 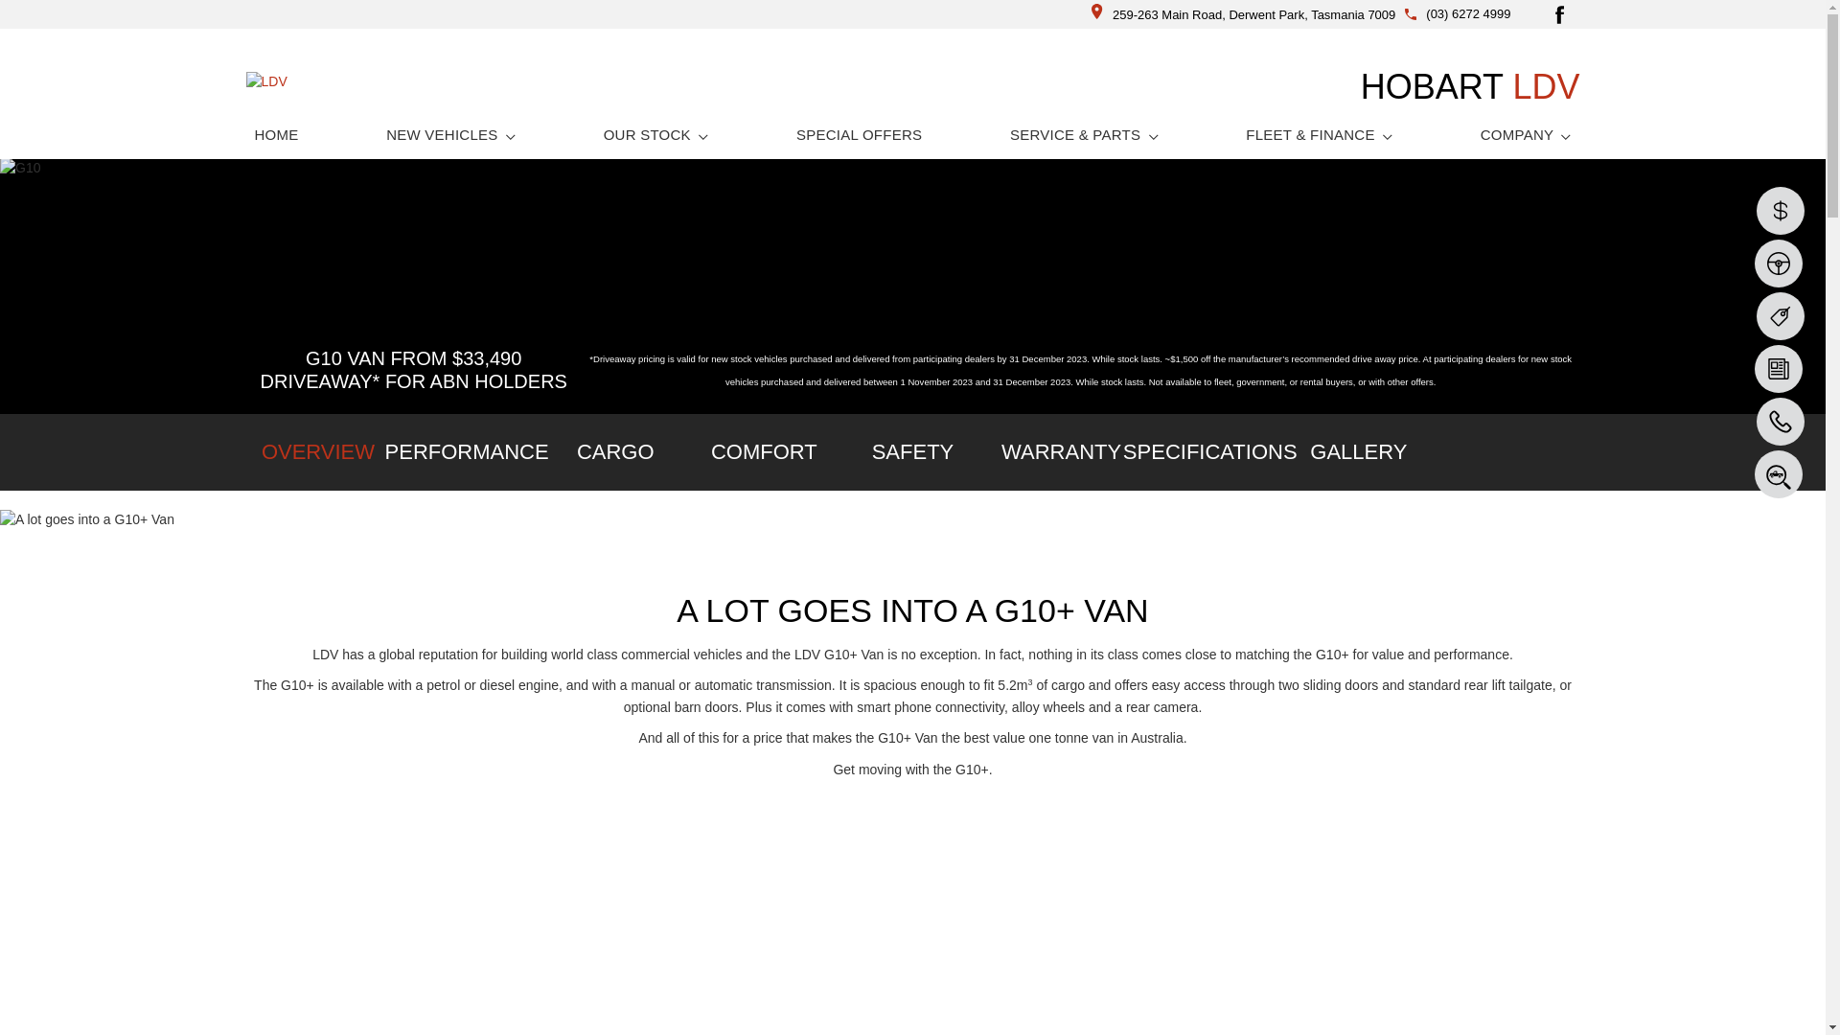 What do you see at coordinates (1243, 14) in the screenshot?
I see `'259-263 Main Road, Derwent Park, Tasmania 7009'` at bounding box center [1243, 14].